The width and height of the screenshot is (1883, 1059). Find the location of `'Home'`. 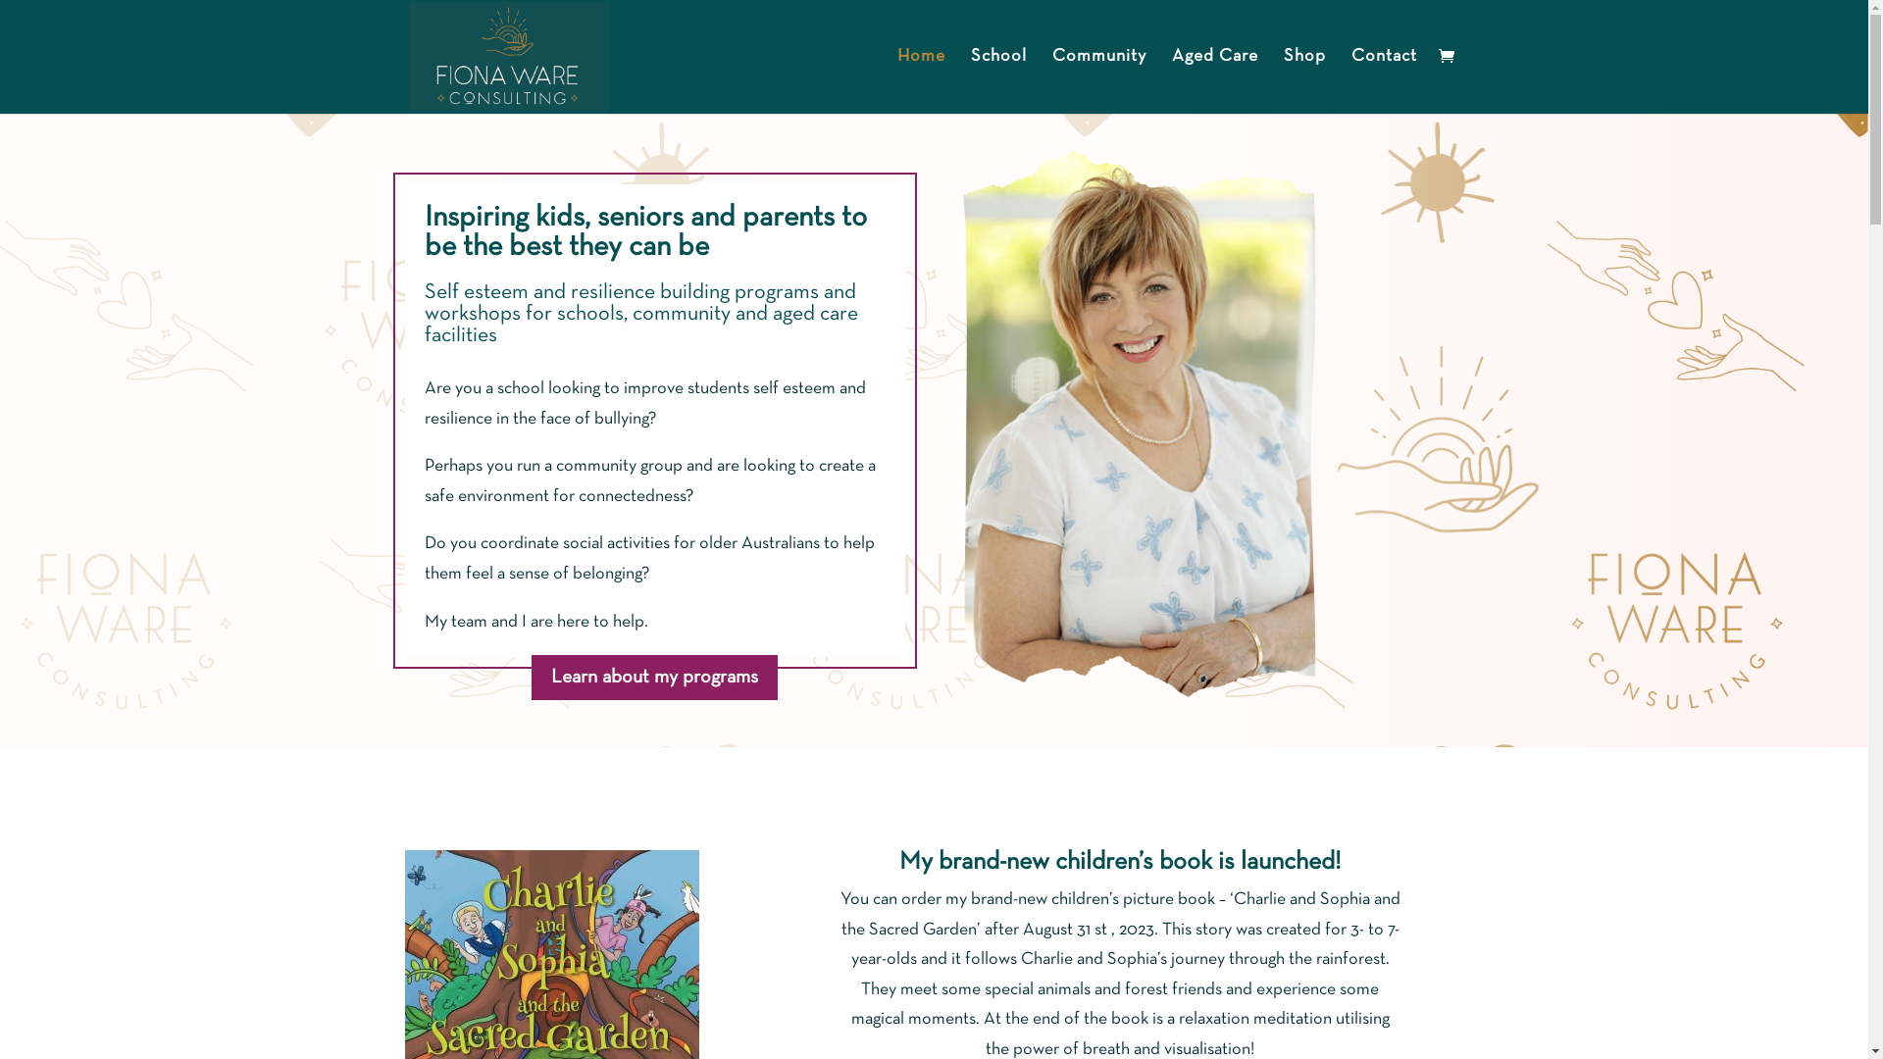

'Home' is located at coordinates (919, 80).